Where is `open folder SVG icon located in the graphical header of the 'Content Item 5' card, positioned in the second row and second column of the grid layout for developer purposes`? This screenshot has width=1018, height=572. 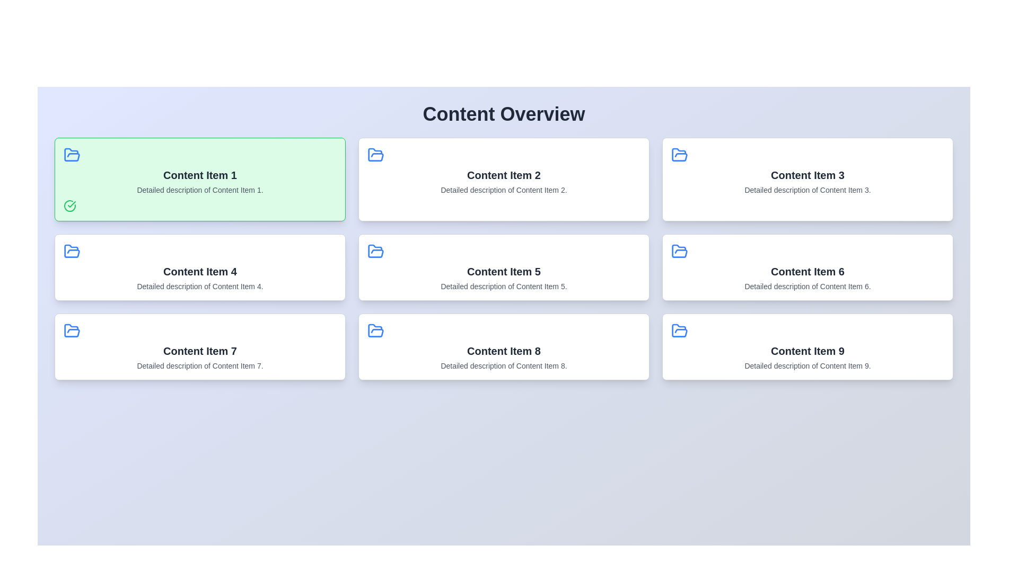 open folder SVG icon located in the graphical header of the 'Content Item 5' card, positioned in the second row and second column of the grid layout for developer purposes is located at coordinates (376, 251).